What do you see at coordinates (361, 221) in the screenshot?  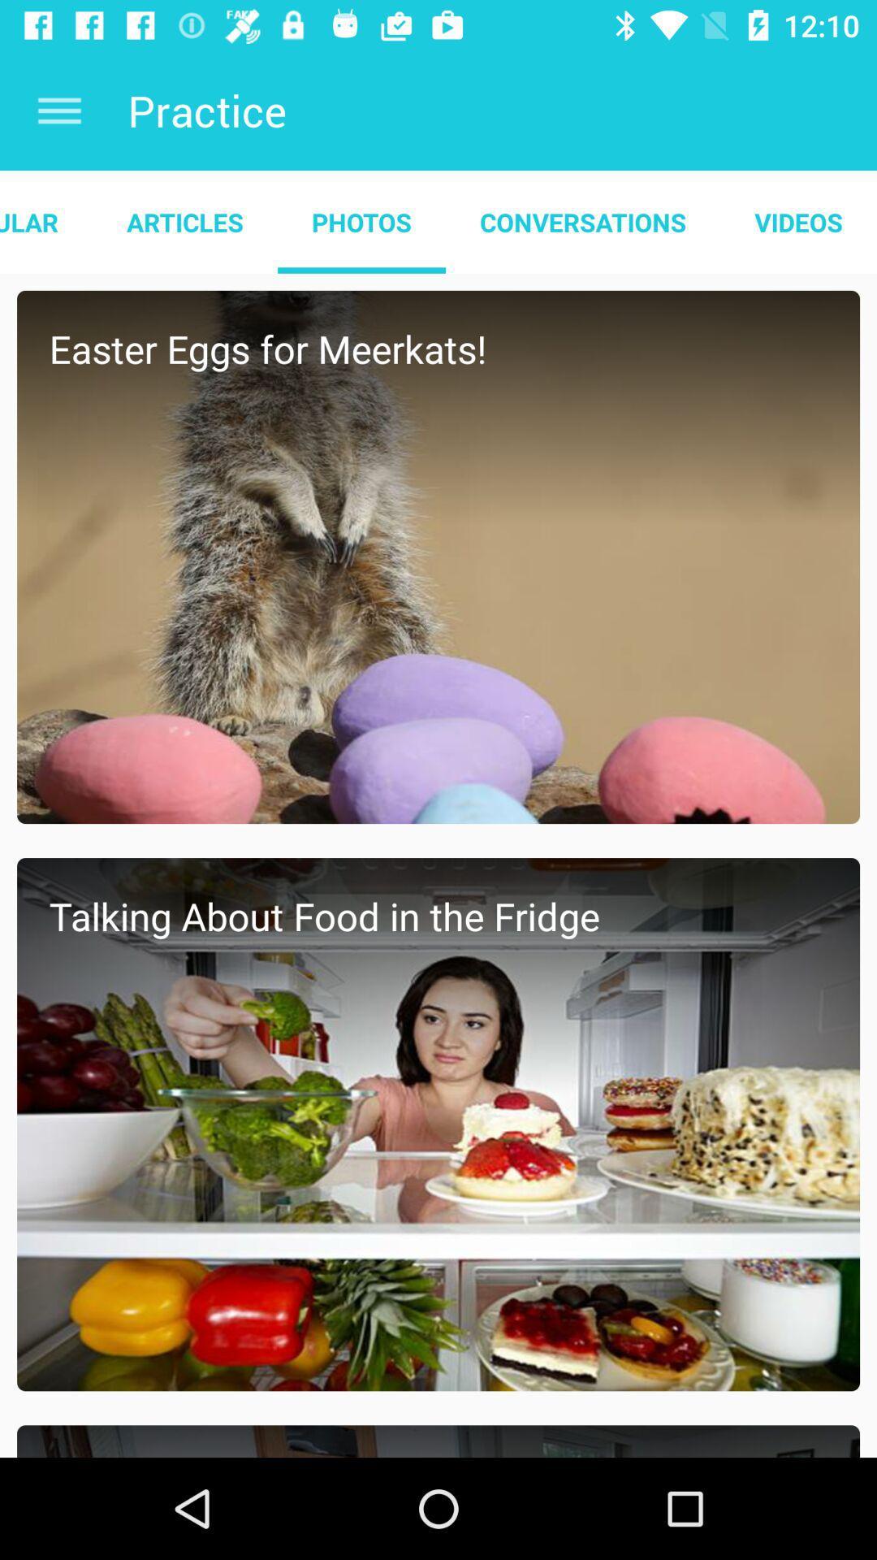 I see `the app to the right of the articles` at bounding box center [361, 221].